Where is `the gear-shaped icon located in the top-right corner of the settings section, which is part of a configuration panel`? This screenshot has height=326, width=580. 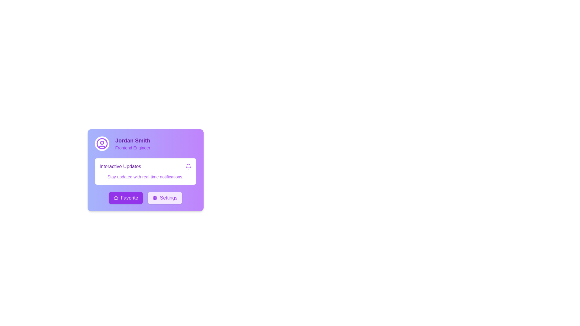 the gear-shaped icon located in the top-right corner of the settings section, which is part of a configuration panel is located at coordinates (155, 198).